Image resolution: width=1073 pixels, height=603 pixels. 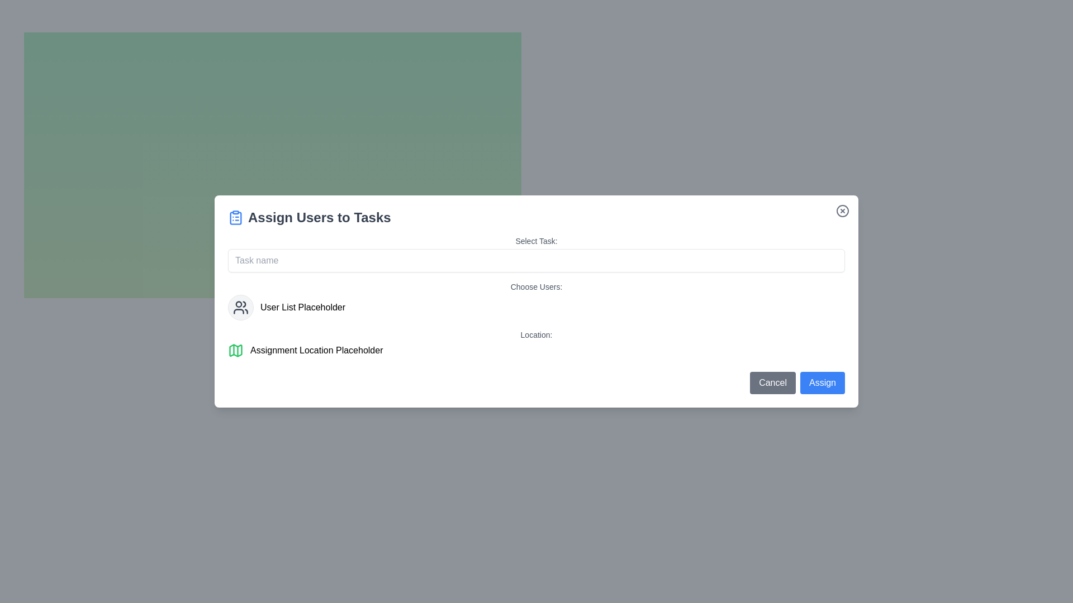 What do you see at coordinates (823, 382) in the screenshot?
I see `the button located` at bounding box center [823, 382].